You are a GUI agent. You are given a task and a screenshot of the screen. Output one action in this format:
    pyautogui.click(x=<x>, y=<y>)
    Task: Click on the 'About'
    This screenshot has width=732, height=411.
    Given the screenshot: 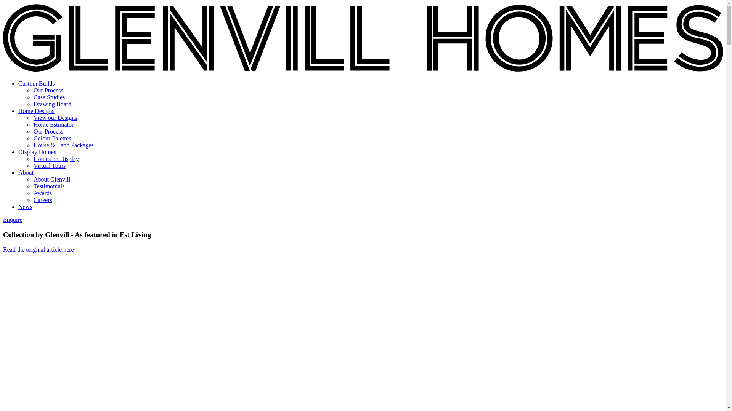 What is the action you would take?
    pyautogui.click(x=26, y=172)
    